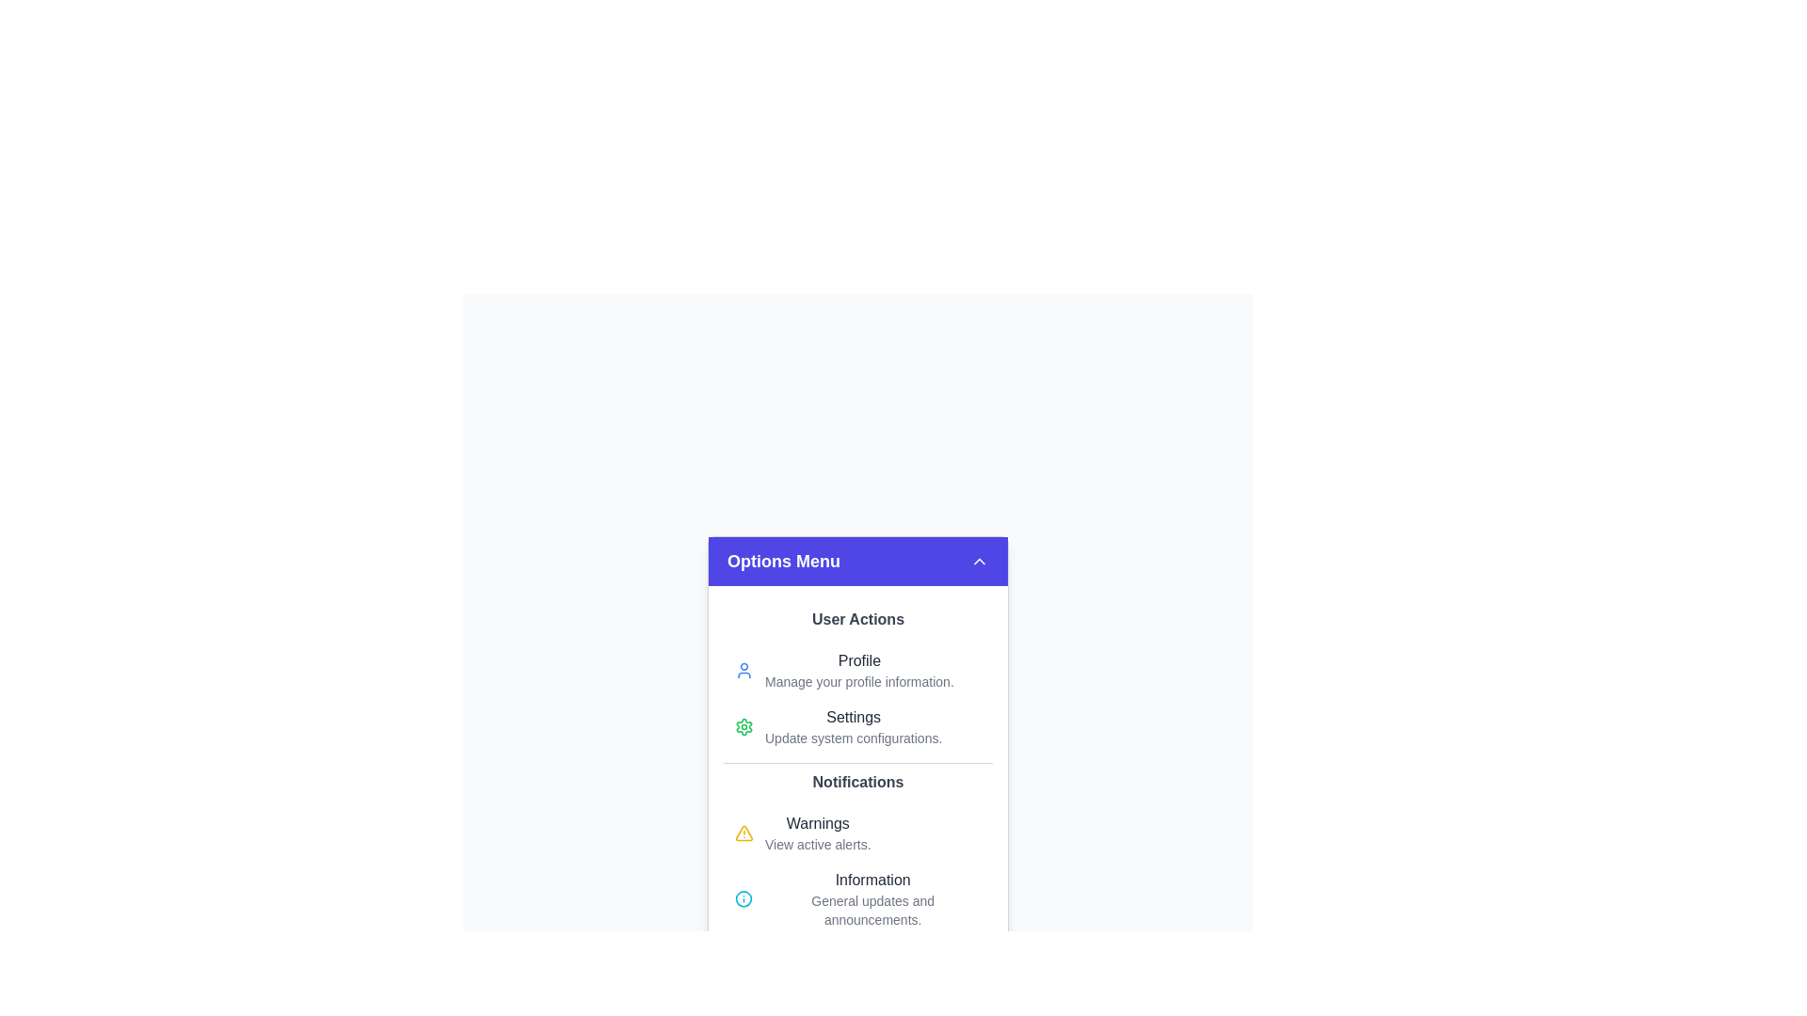  What do you see at coordinates (858, 670) in the screenshot?
I see `the 'Profile' navigation menu item, which features a bold title and a smaller description, located under the 'User Actions' section` at bounding box center [858, 670].